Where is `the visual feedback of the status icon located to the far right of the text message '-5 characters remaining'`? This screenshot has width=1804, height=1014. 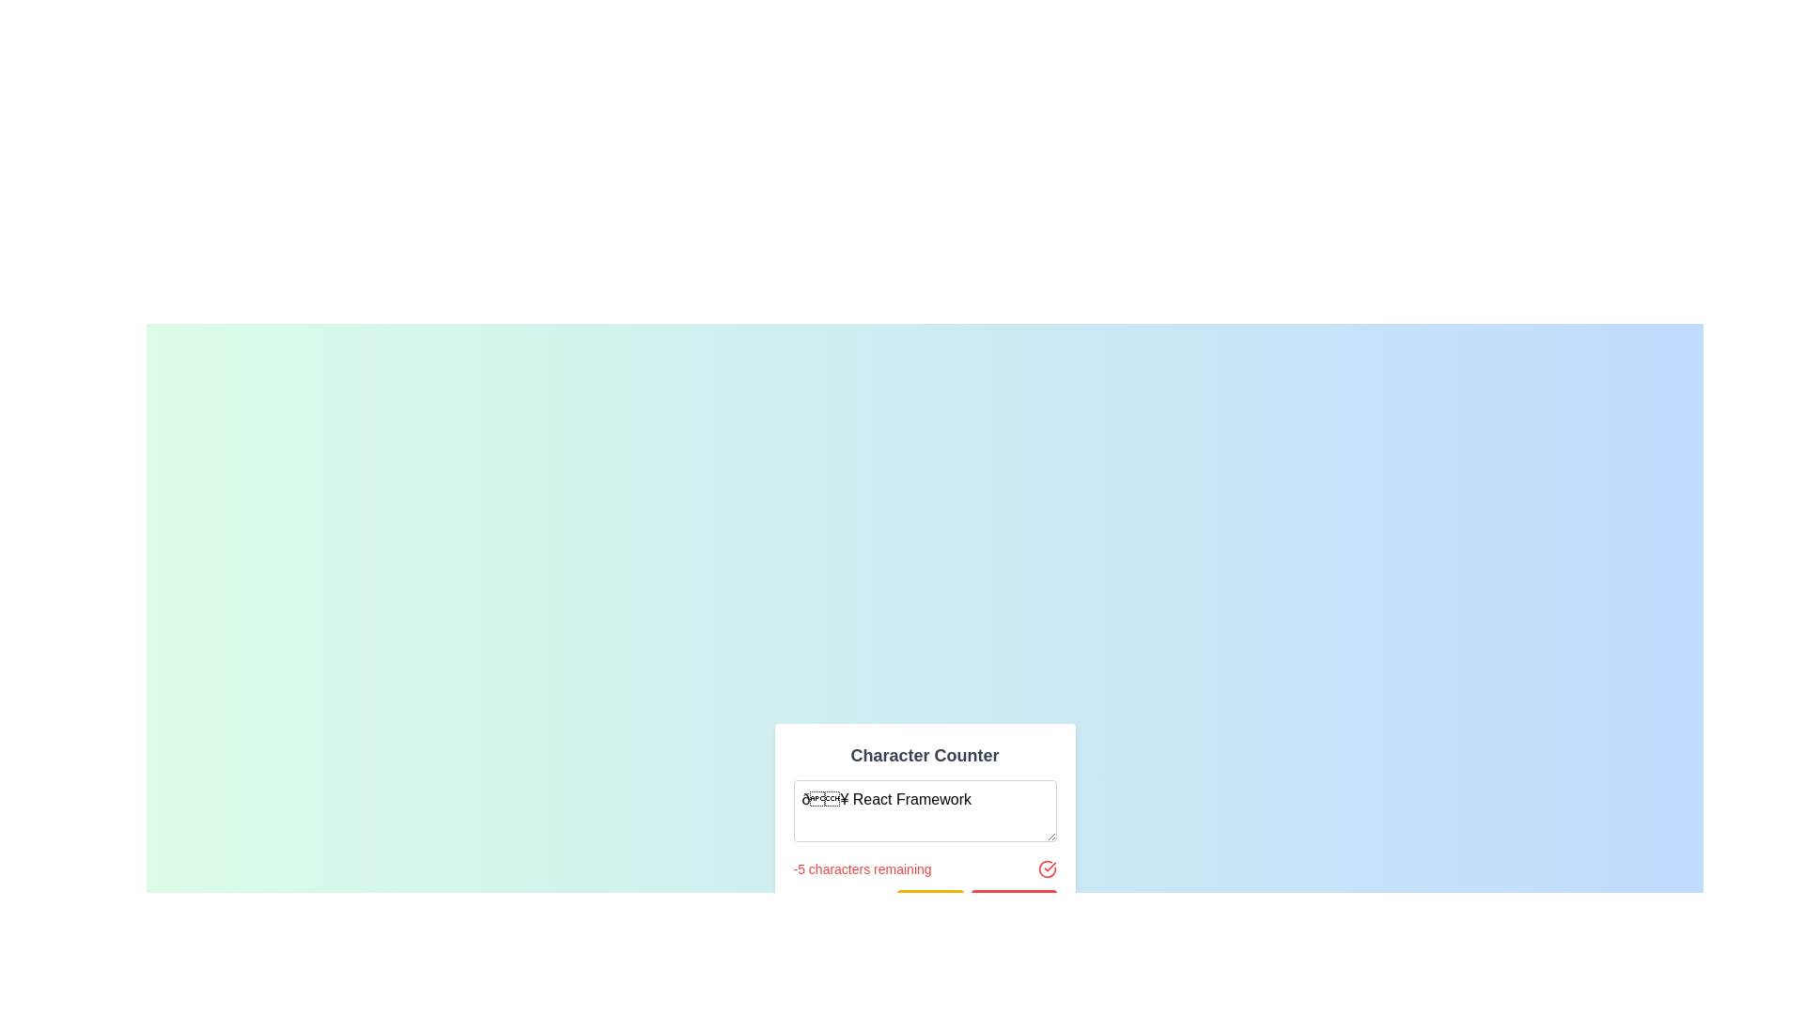
the visual feedback of the status icon located to the far right of the text message '-5 characters remaining' is located at coordinates (1046, 868).